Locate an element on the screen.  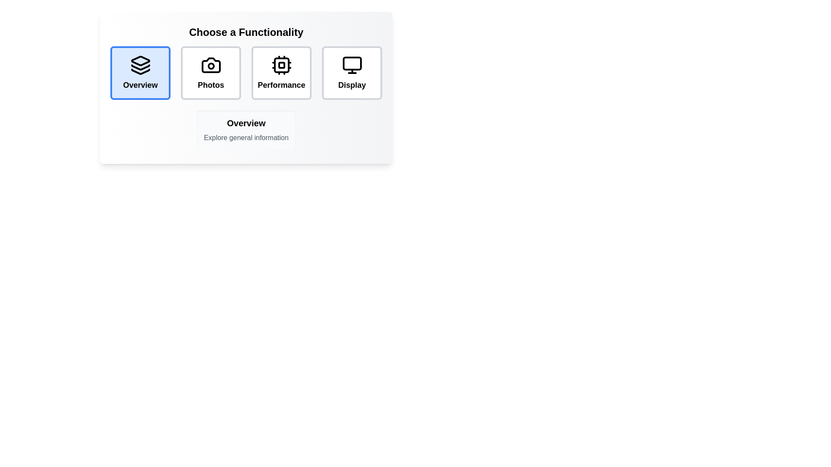
the performance navigation button located between the 'Photos' button and the 'Display' button is located at coordinates (281, 73).